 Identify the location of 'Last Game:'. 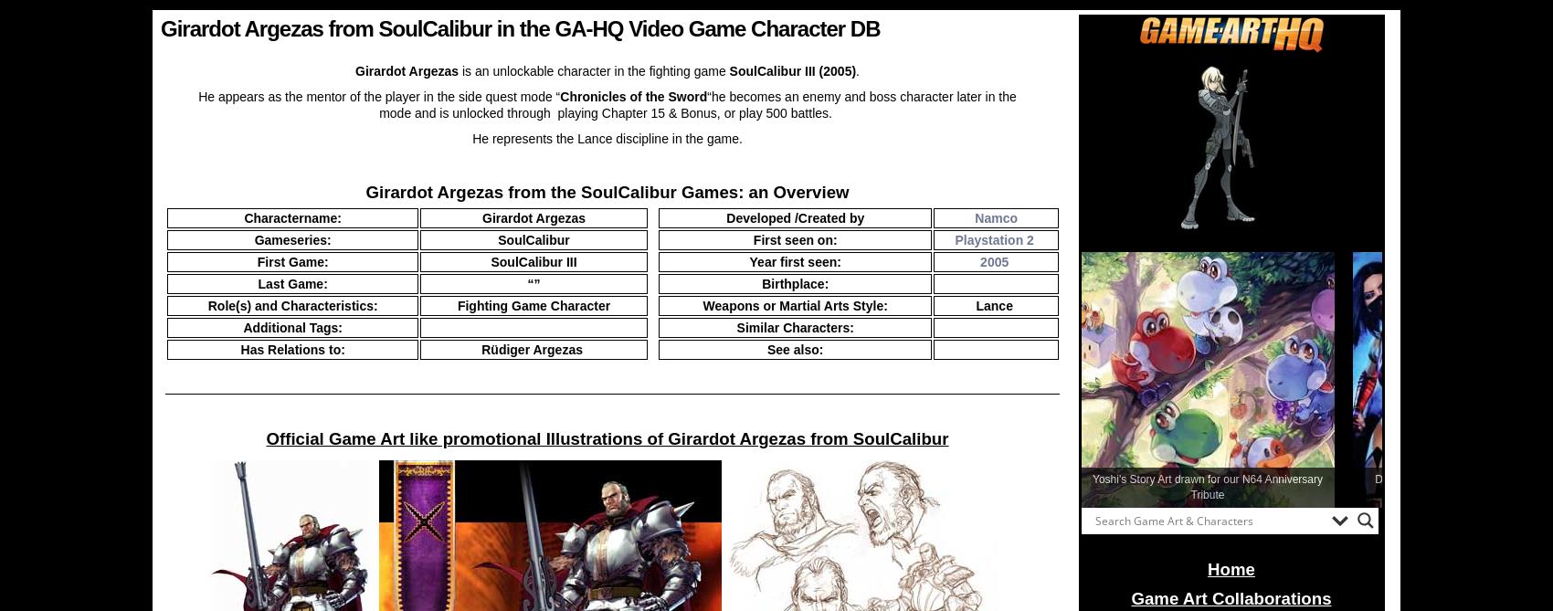
(291, 284).